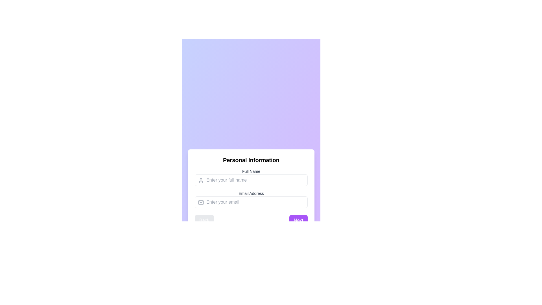  What do you see at coordinates (201, 202) in the screenshot?
I see `the decorative graphical component of the mail envelope icon, which is positioned in the lower section of the email input field, aligned to the left of the text field` at bounding box center [201, 202].